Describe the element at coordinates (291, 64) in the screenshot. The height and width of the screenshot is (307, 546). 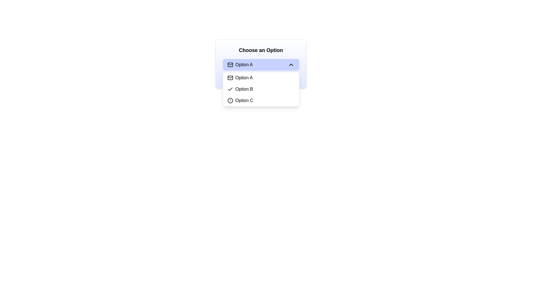
I see `the small upward-pointing chevron icon on the right edge of 'Option A'` at that location.